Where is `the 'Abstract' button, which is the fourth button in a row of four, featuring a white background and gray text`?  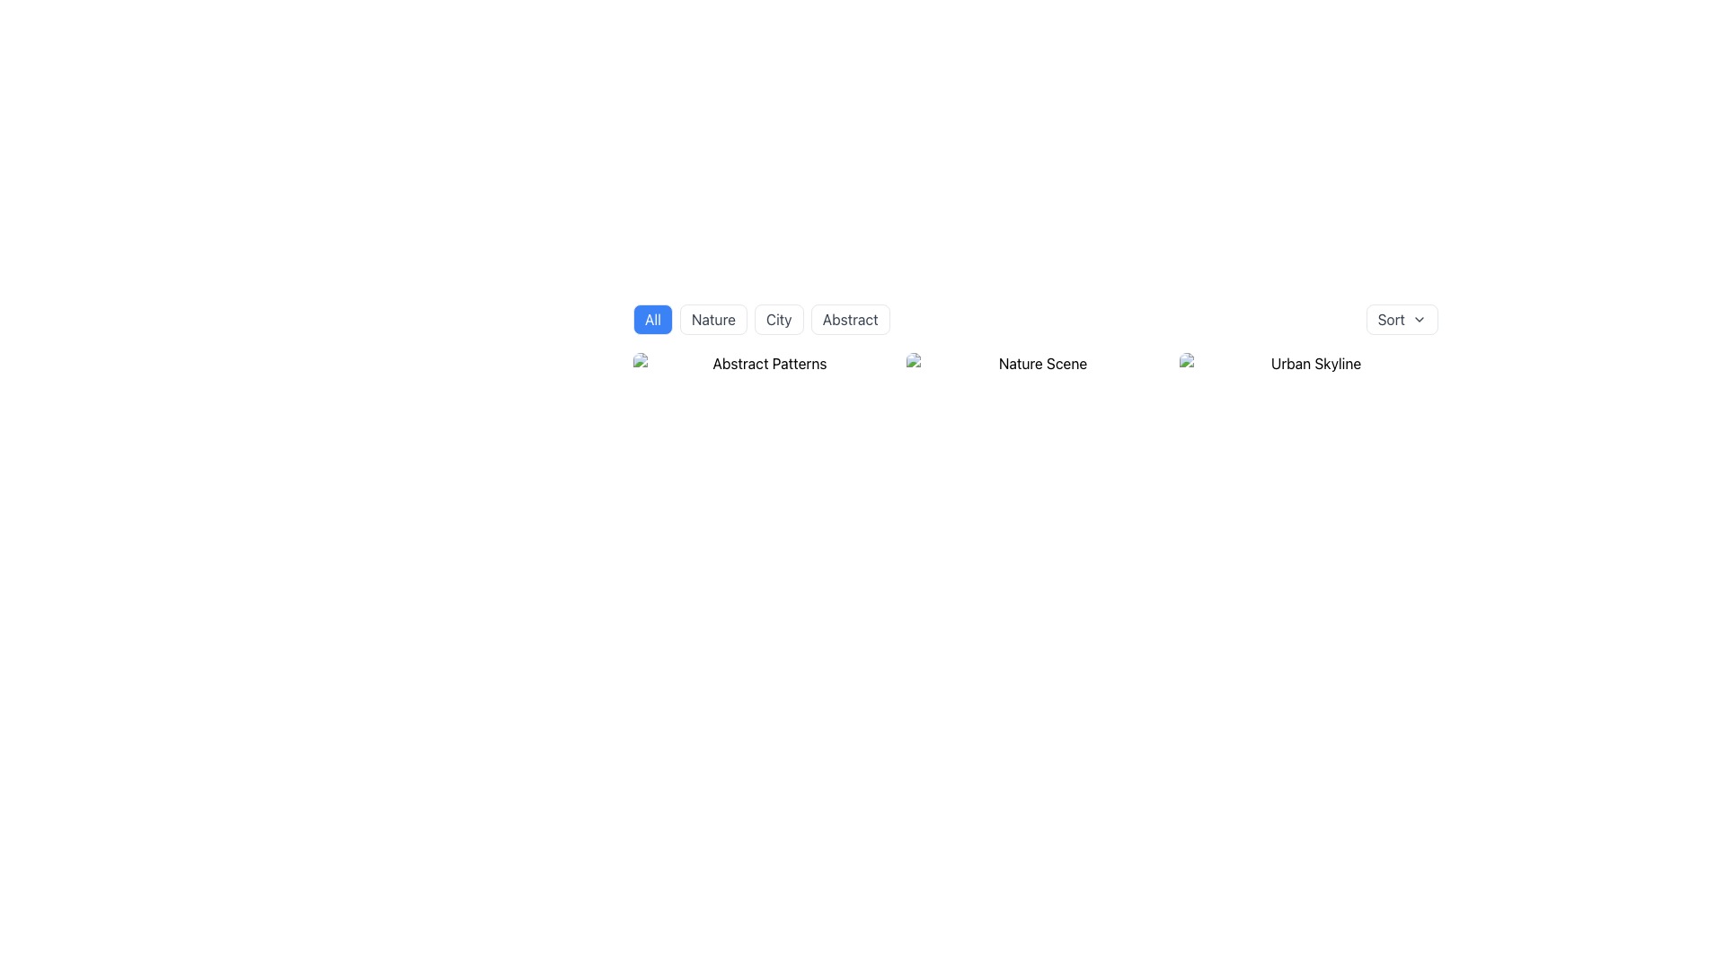
the 'Abstract' button, which is the fourth button in a row of four, featuring a white background and gray text is located at coordinates (849, 318).